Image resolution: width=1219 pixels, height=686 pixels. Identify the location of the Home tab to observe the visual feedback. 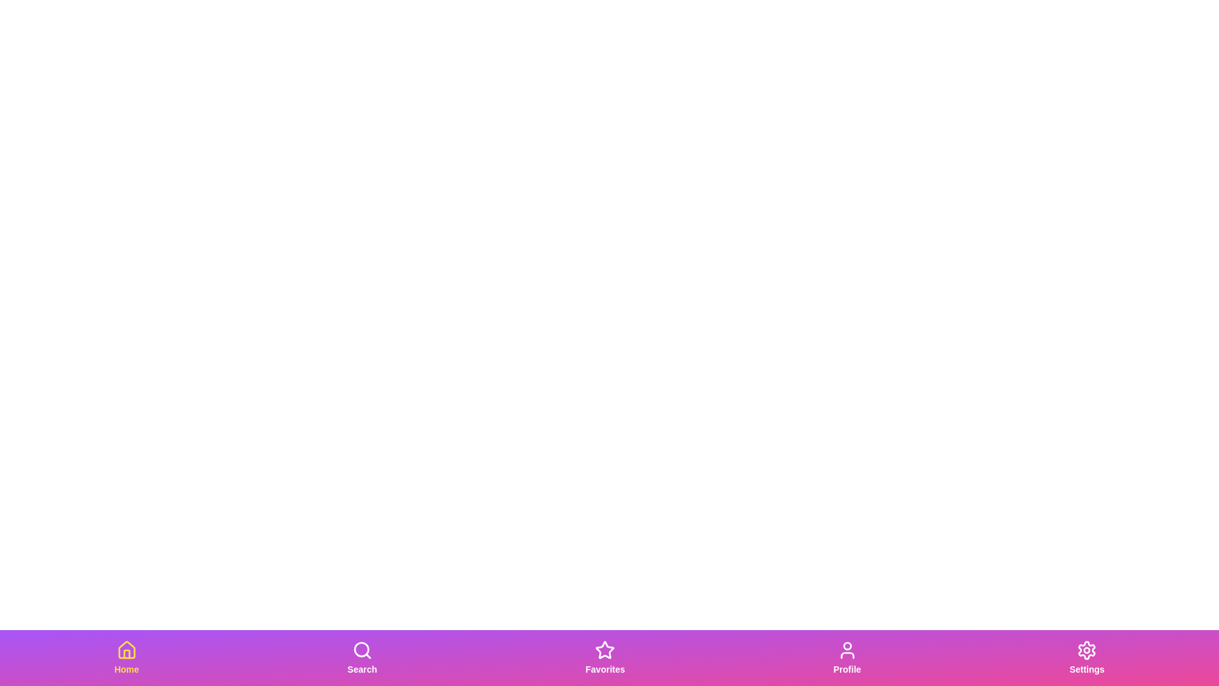
(126, 657).